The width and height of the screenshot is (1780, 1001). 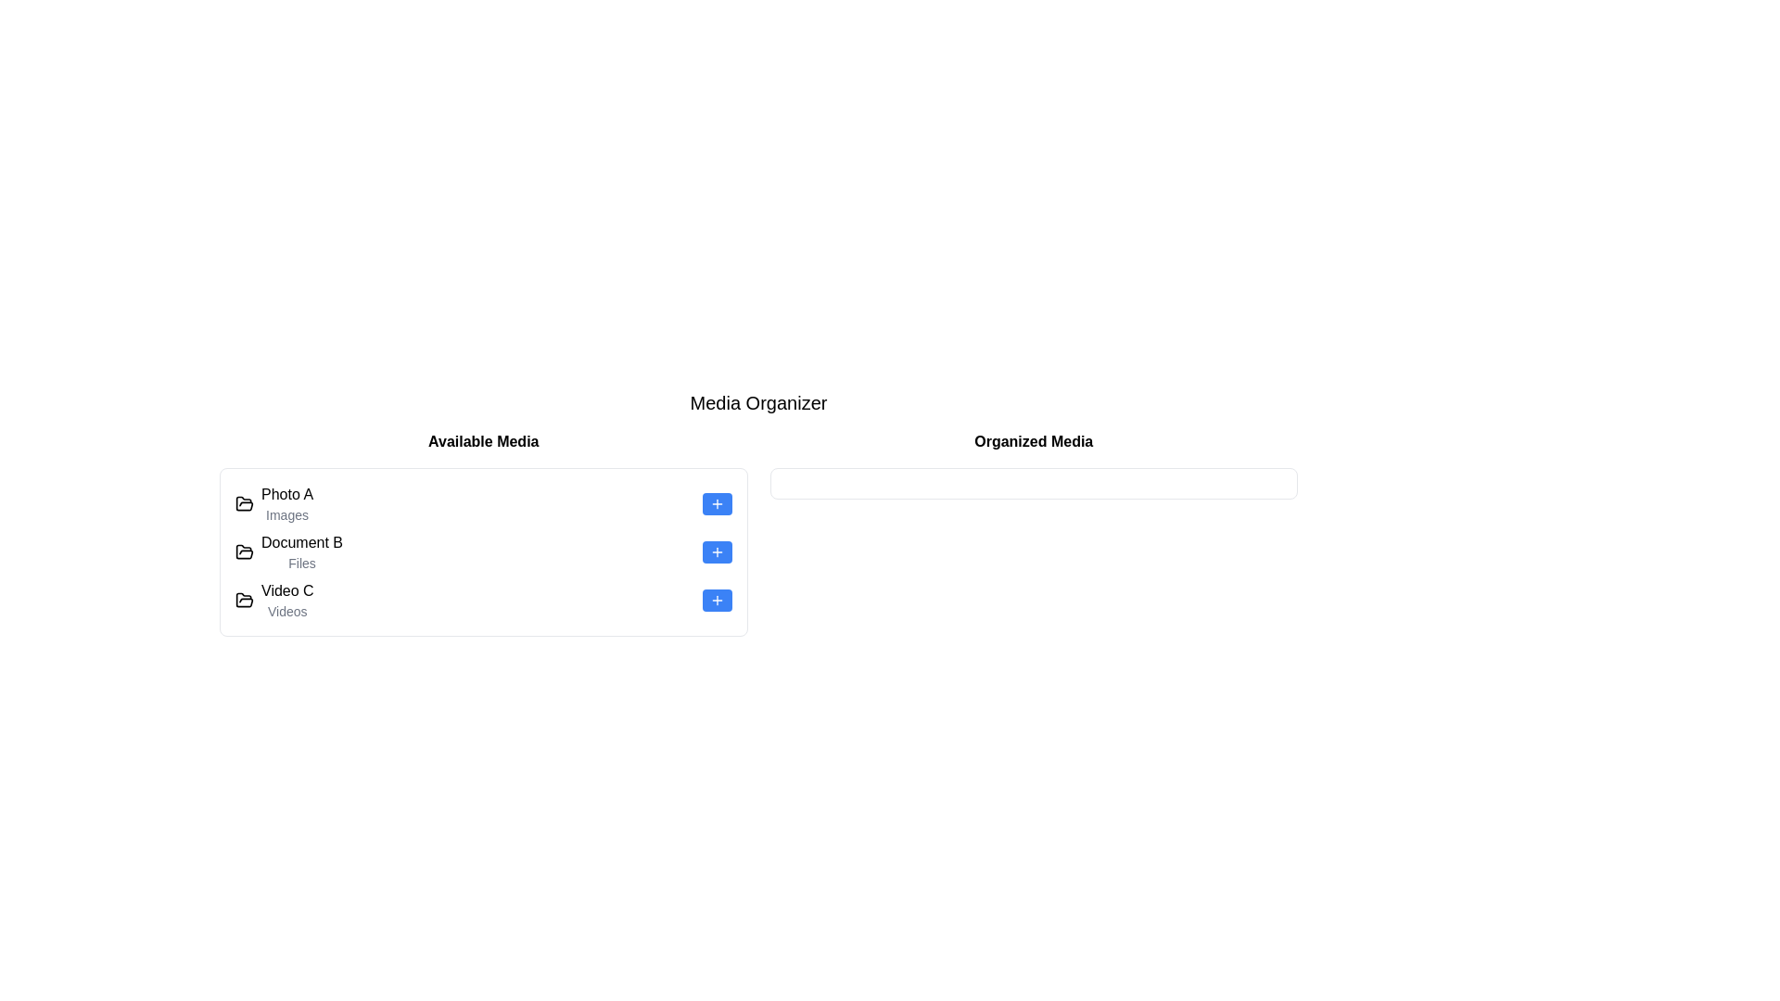 I want to click on the blue rectangular button with a white '+' icon located in the 'Available Media' section, right of 'Photo AImages', so click(x=716, y=503).